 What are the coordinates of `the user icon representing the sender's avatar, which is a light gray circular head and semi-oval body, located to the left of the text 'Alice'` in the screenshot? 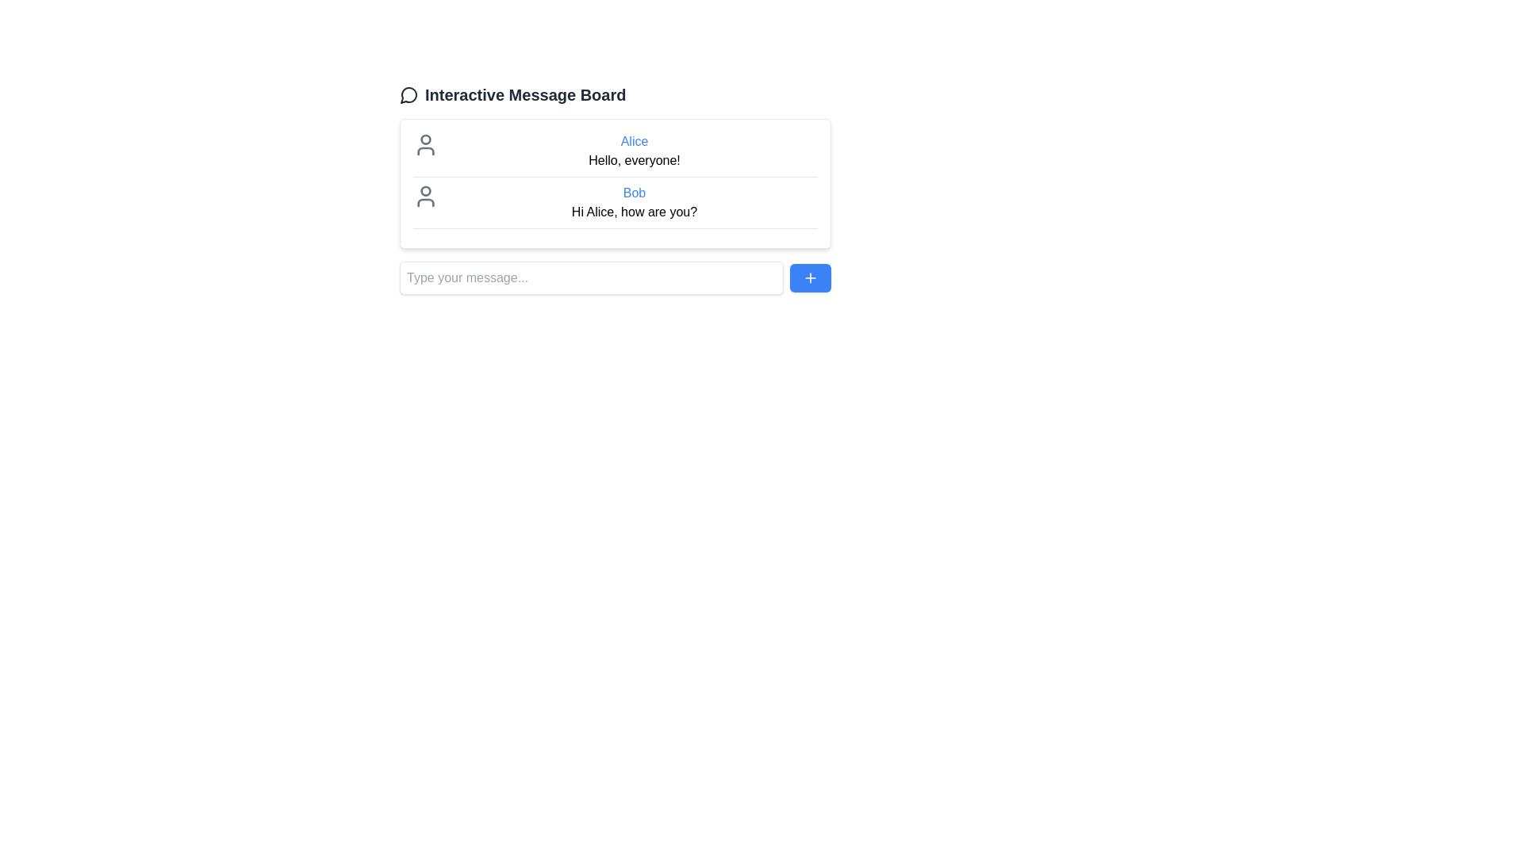 It's located at (426, 144).